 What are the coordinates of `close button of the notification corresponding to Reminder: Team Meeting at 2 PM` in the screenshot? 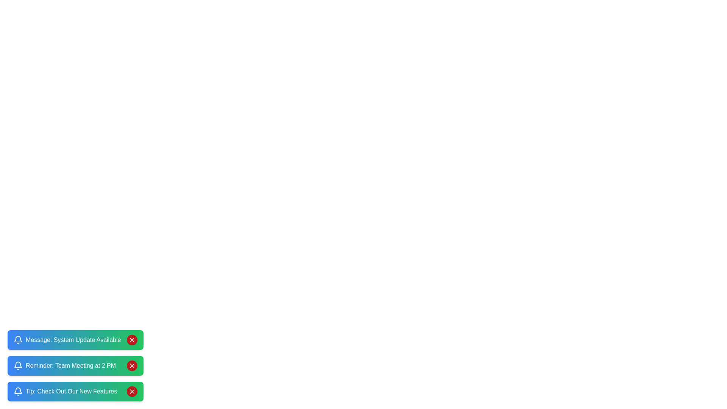 It's located at (132, 365).